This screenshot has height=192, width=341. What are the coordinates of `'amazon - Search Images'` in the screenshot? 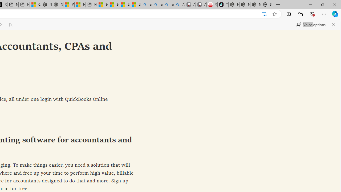 It's located at (168, 5).